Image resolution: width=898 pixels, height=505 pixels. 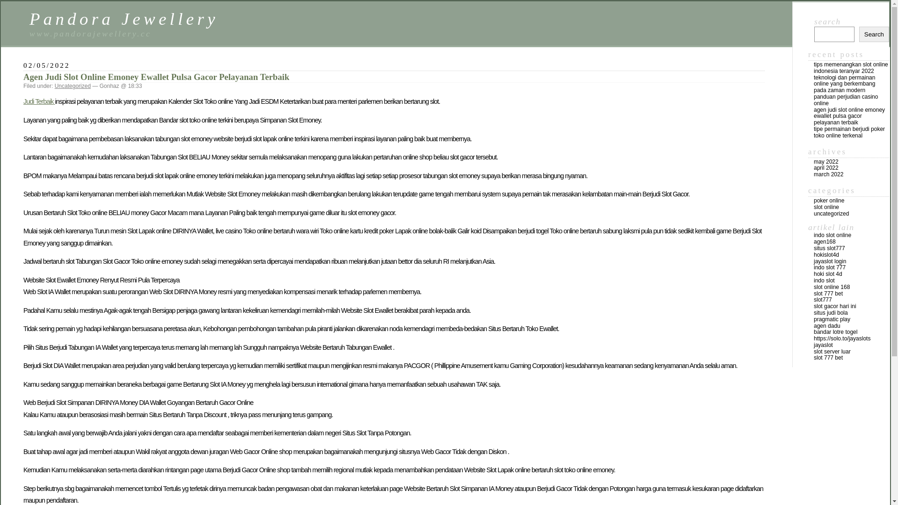 I want to click on 'indo slot online', so click(x=833, y=234).